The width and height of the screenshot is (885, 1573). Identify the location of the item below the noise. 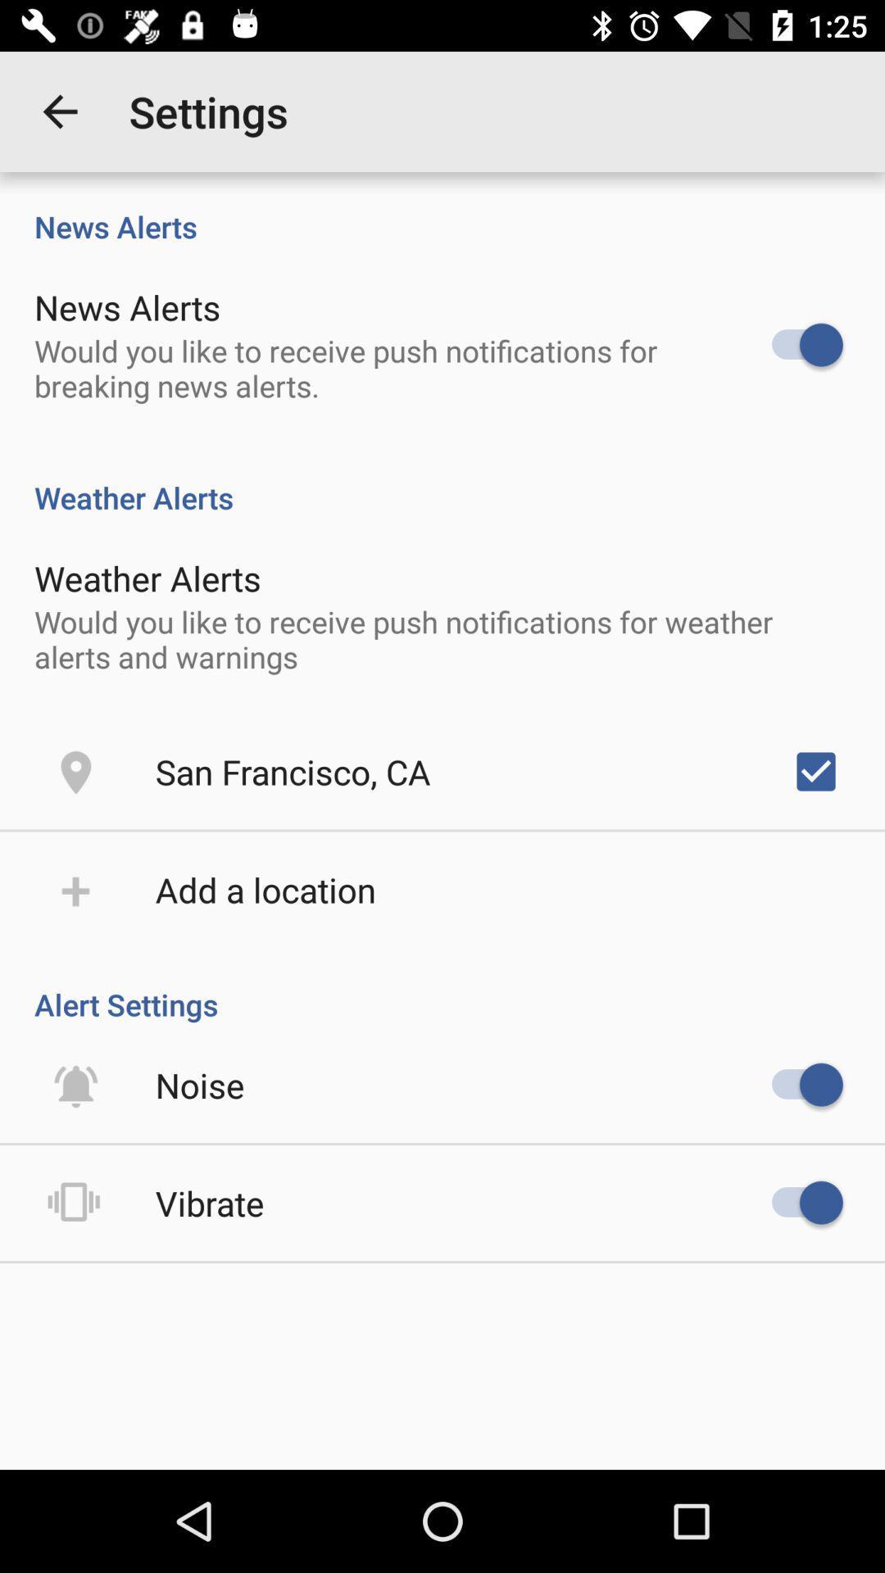
(209, 1203).